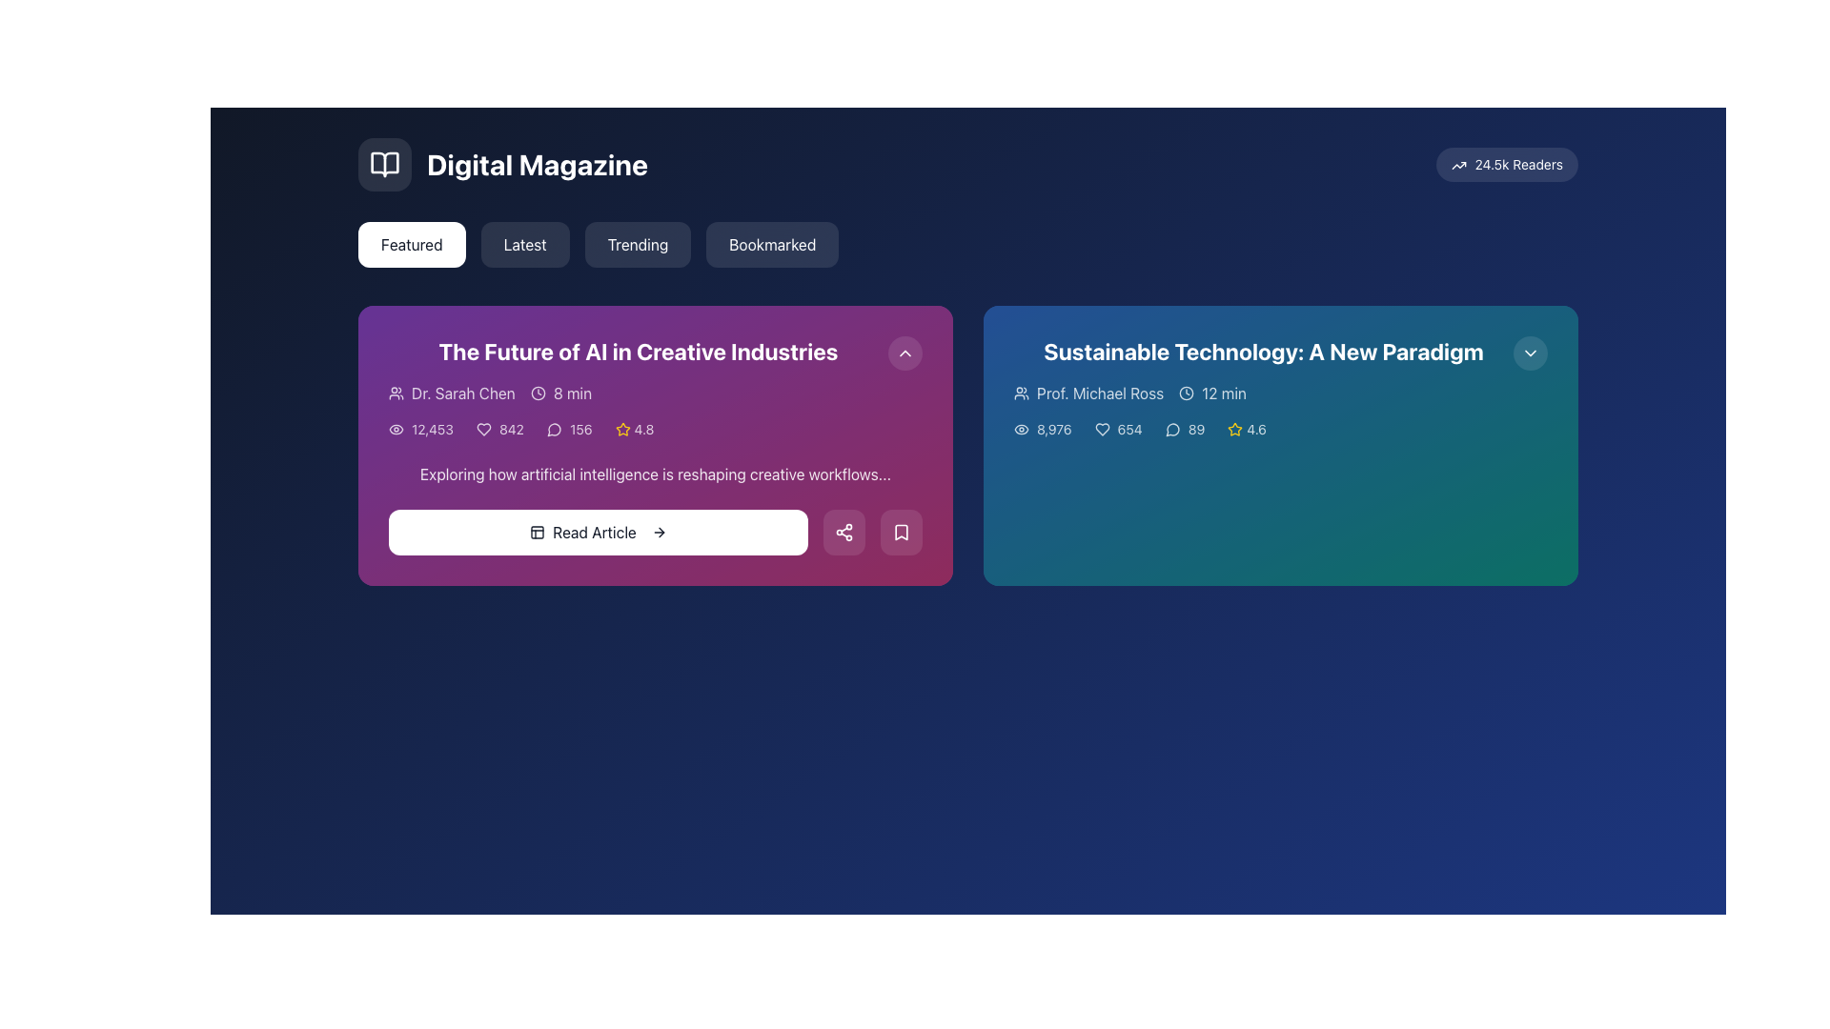 This screenshot has height=1029, width=1830. I want to click on the share icon button, which consists of three circles connected by lines, located at the bottom-right corner of the purple card labeled 'The Future of AI in Creative Industries', so click(844, 533).